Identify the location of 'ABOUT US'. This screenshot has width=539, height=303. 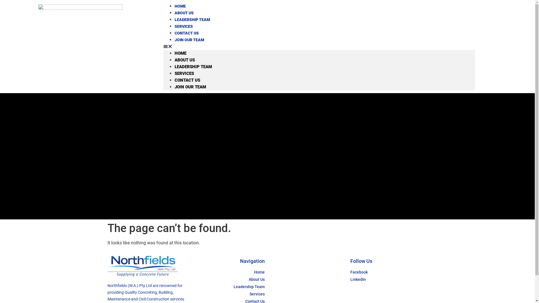
(184, 60).